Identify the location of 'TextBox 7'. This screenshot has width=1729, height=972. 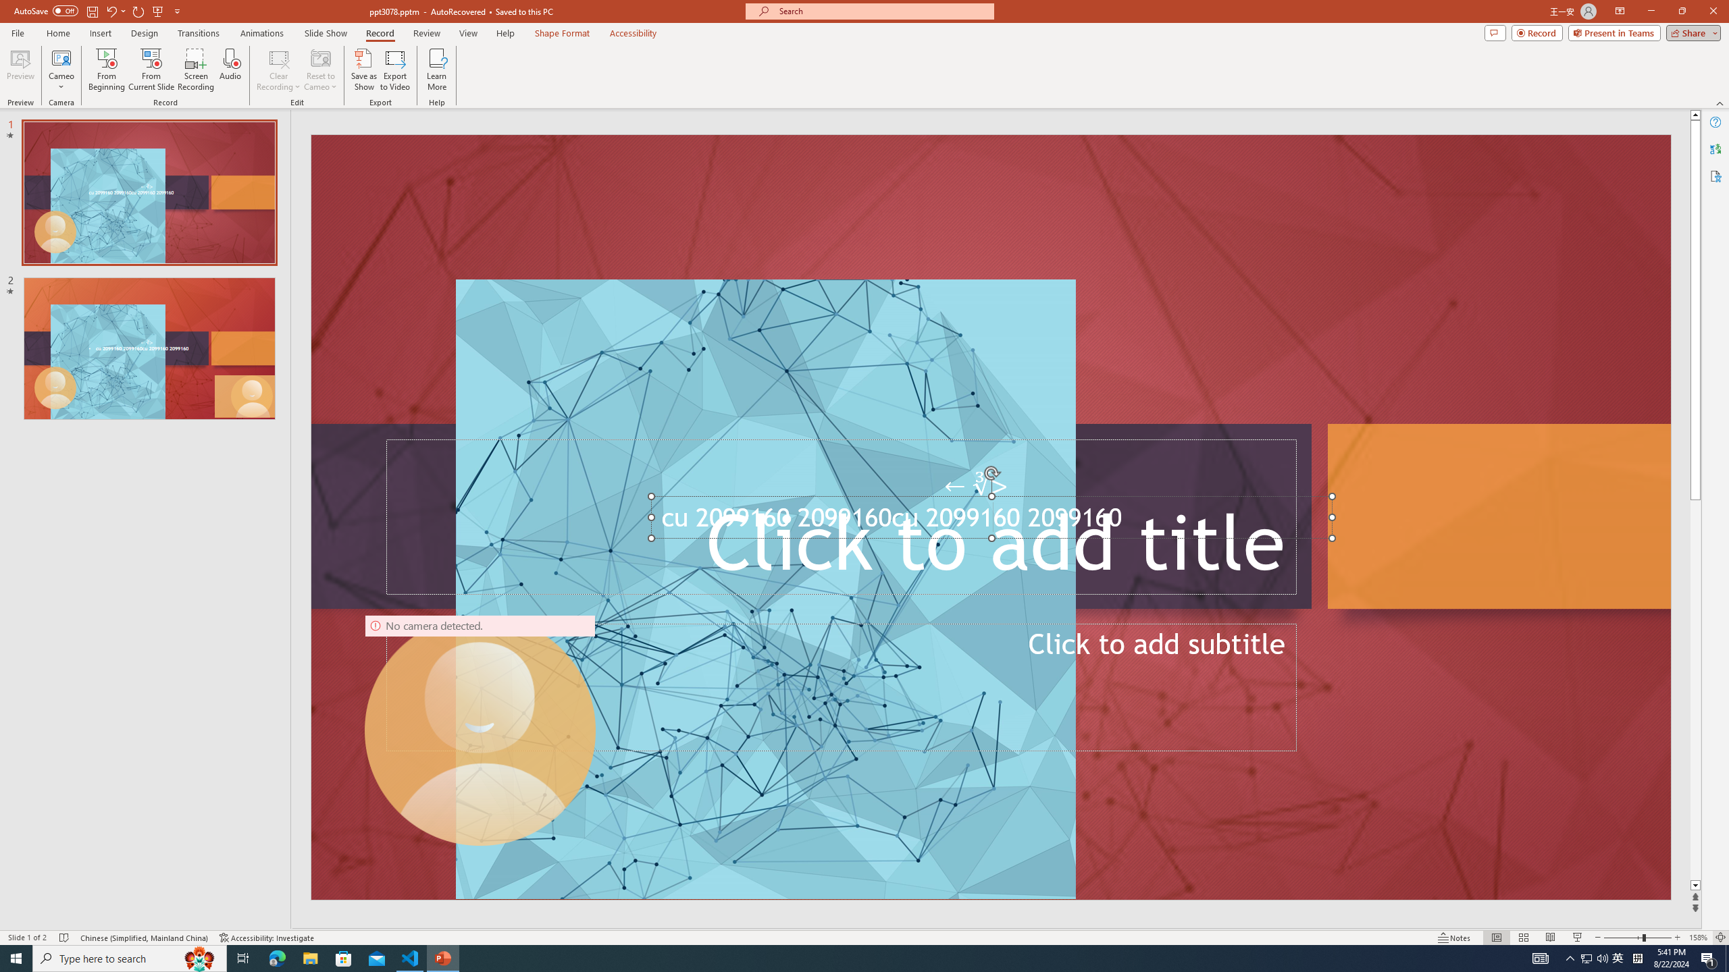
(977, 486).